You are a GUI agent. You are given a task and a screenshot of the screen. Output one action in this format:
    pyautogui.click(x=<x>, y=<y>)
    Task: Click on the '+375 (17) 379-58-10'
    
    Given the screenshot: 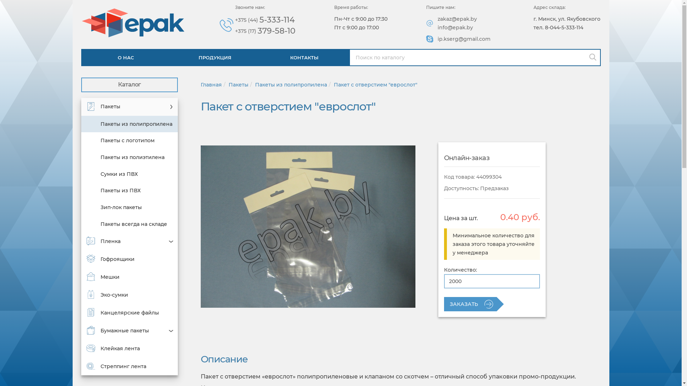 What is the action you would take?
    pyautogui.click(x=265, y=31)
    